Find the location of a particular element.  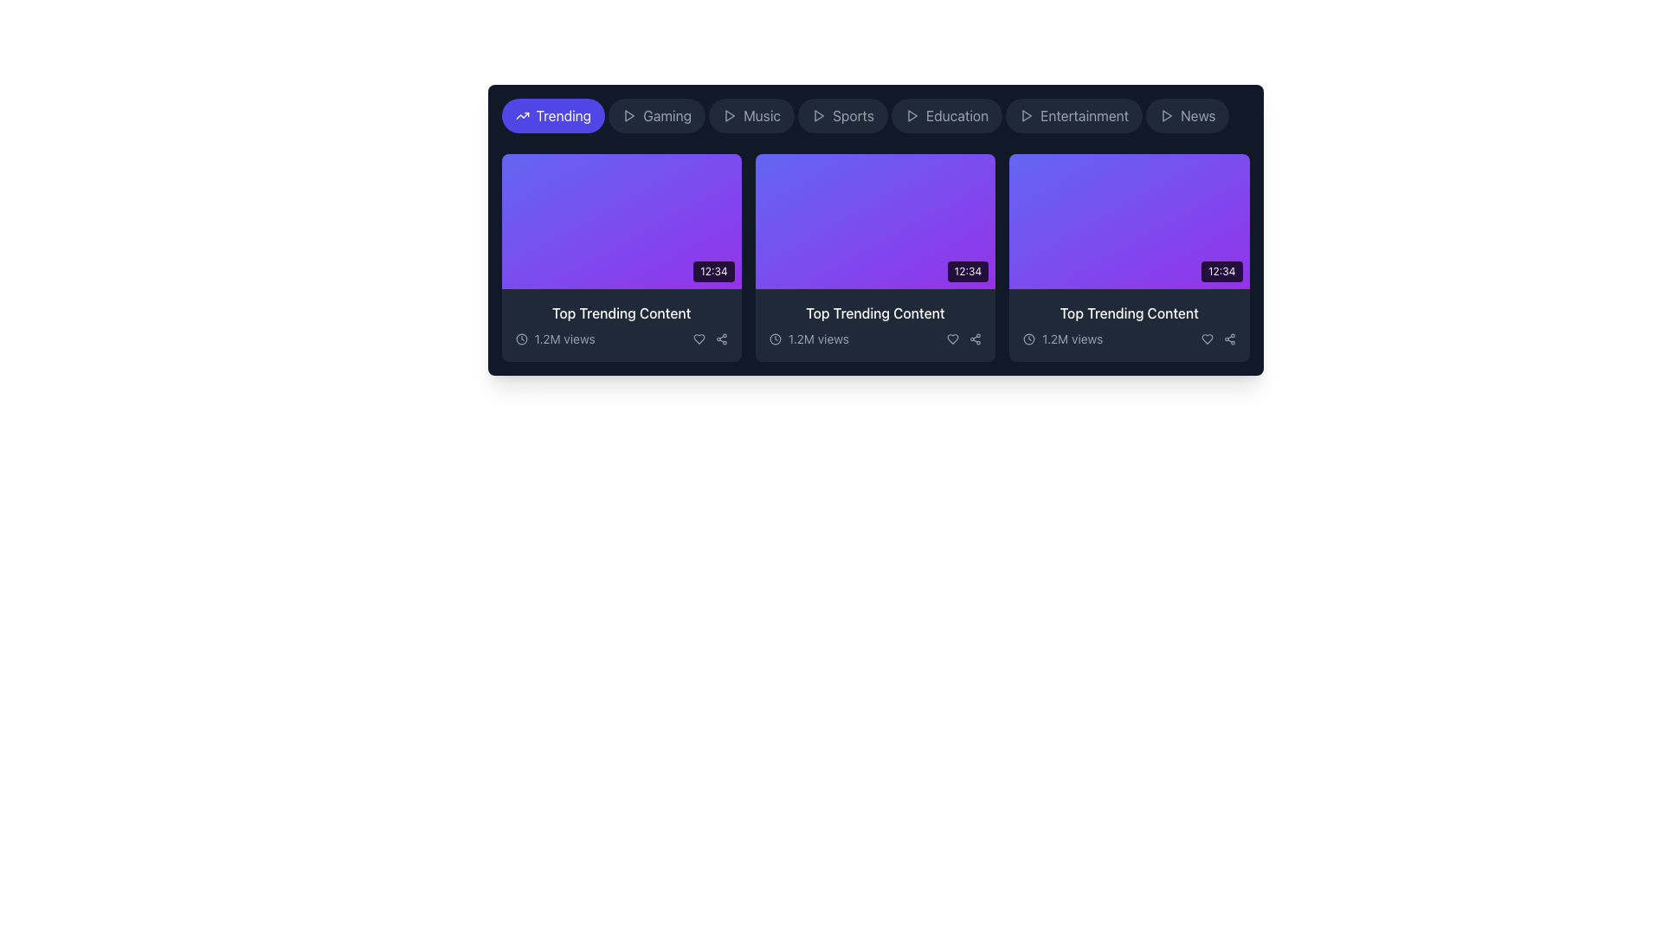

the 'Entertainment' button in the navigation bar is located at coordinates (1073, 116).